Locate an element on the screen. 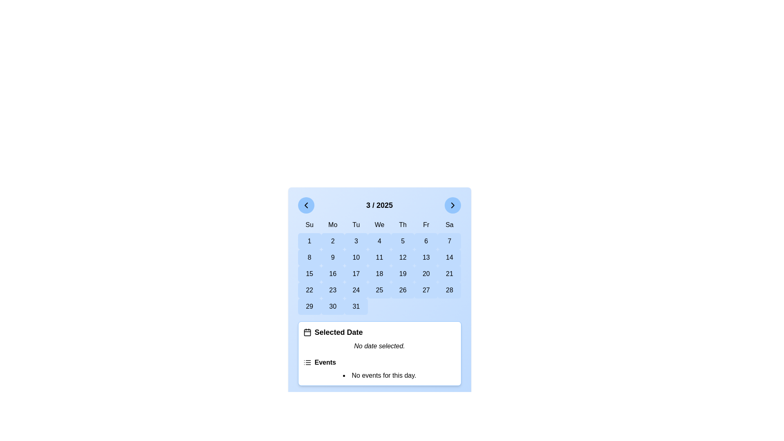 The width and height of the screenshot is (784, 441). the selectable date button for '18' in the calendar widget to observe style changes is located at coordinates (379, 274).